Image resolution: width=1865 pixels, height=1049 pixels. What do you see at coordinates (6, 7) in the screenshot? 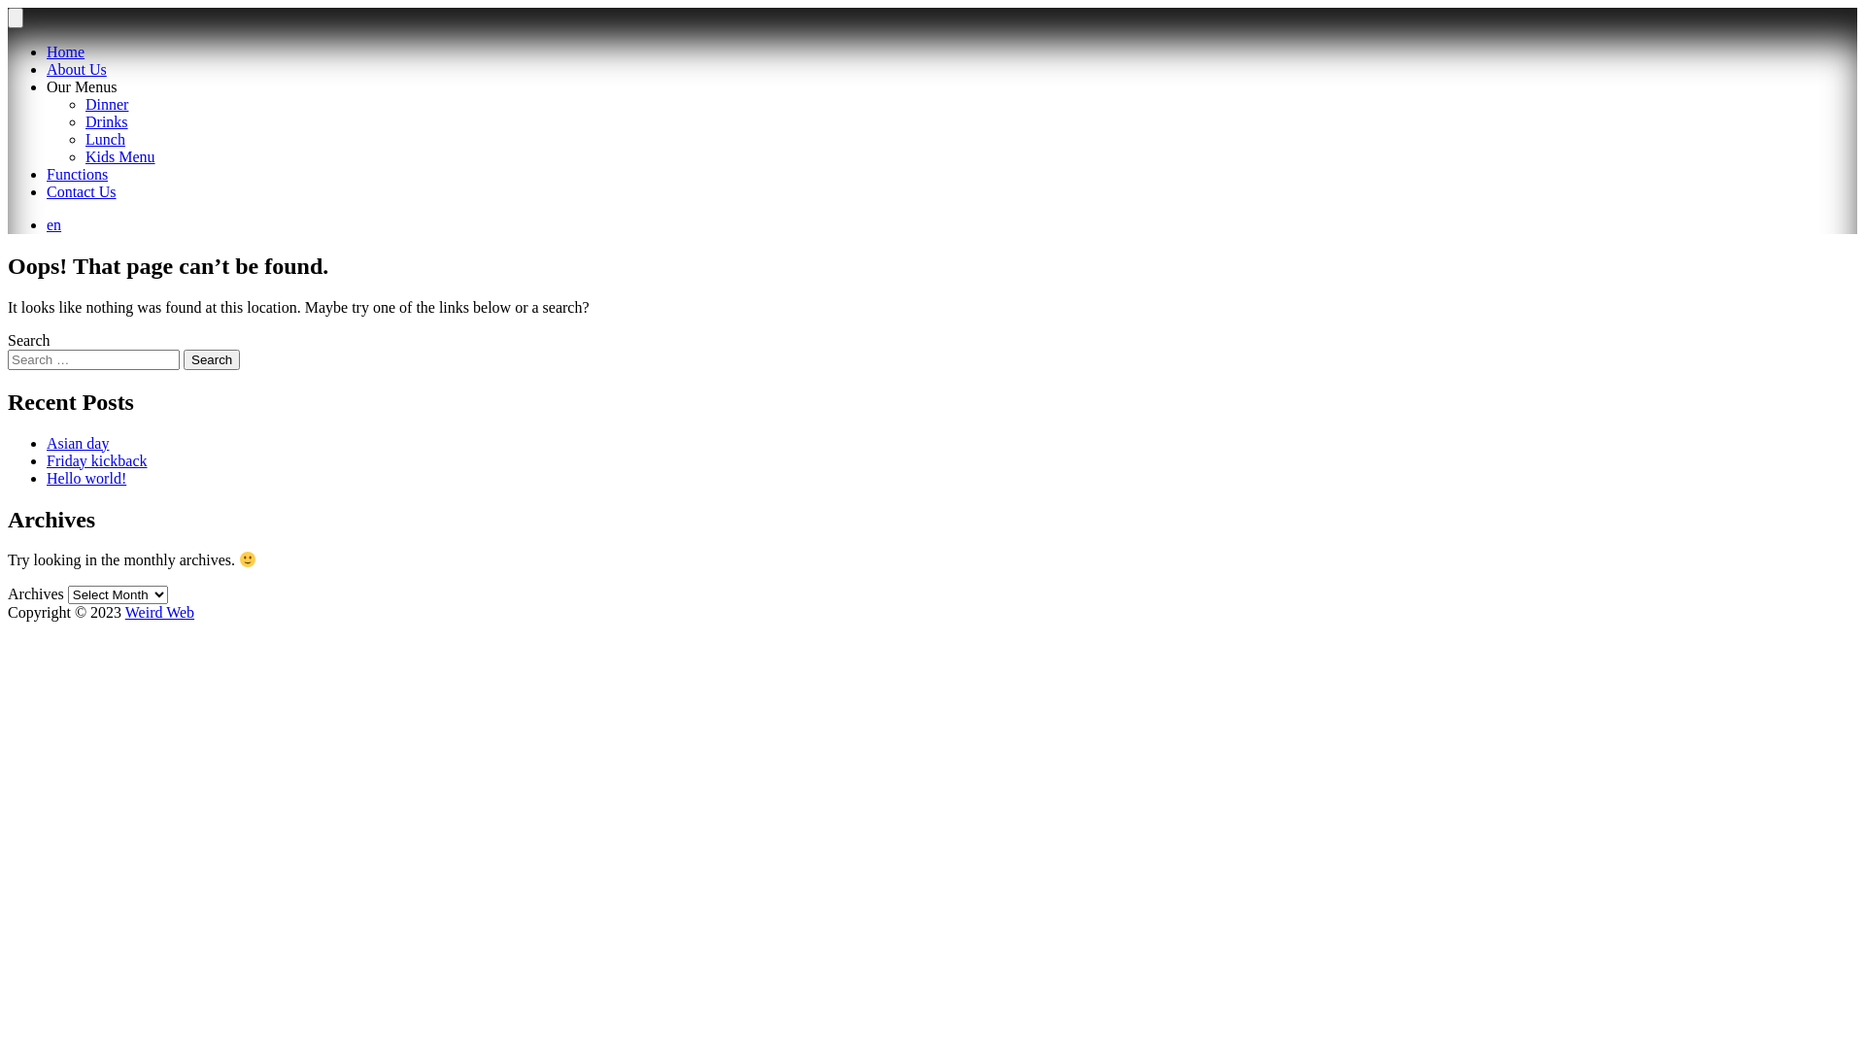
I see `'Skip to content'` at bounding box center [6, 7].